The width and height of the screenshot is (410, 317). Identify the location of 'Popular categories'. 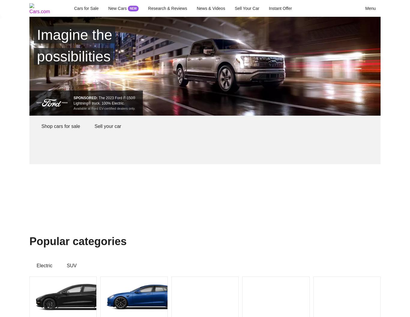
(29, 241).